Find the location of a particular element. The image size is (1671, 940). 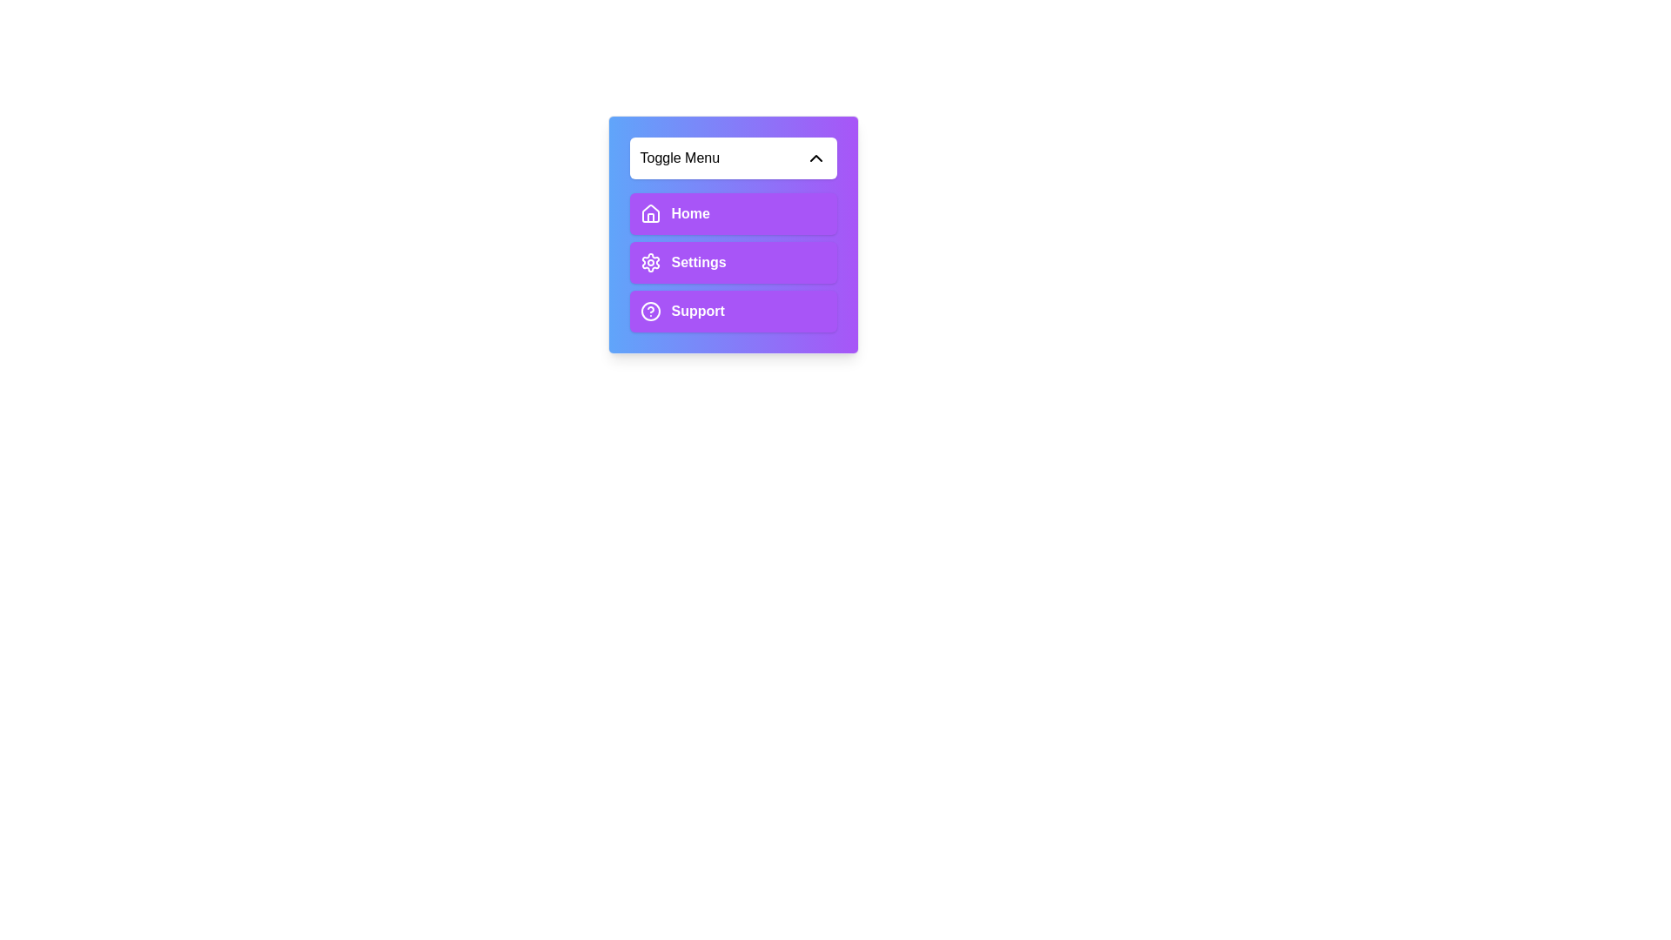

the 'Settings' icon located in the second row of the vertical list within the popup menu is located at coordinates (649, 262).